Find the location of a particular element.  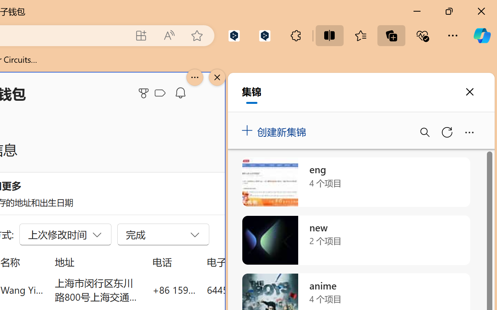

'Class: ___1lmltc5 f1agt3bx f12qytpq' is located at coordinates (160, 93).